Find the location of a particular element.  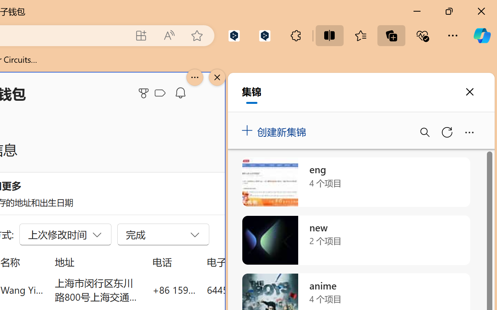

'Class: ___1lmltc5 f1agt3bx f12qytpq' is located at coordinates (160, 93).